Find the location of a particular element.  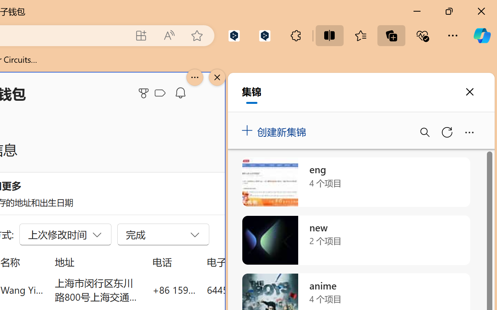

'Class: ___1lmltc5 f1agt3bx f12qytpq' is located at coordinates (160, 93).